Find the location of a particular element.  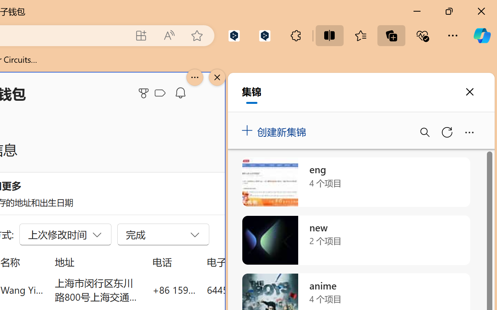

'Class: ___1lmltc5 f1agt3bx f12qytpq' is located at coordinates (160, 93).